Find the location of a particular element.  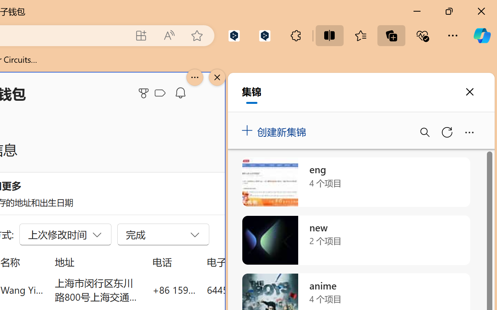

'Class: ___1lmltc5 f1agt3bx f12qytpq' is located at coordinates (160, 93).